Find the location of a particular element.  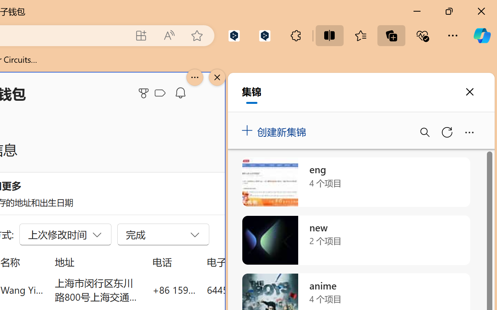

'Class: ___1lmltc5 f1agt3bx f12qytpq' is located at coordinates (160, 93).